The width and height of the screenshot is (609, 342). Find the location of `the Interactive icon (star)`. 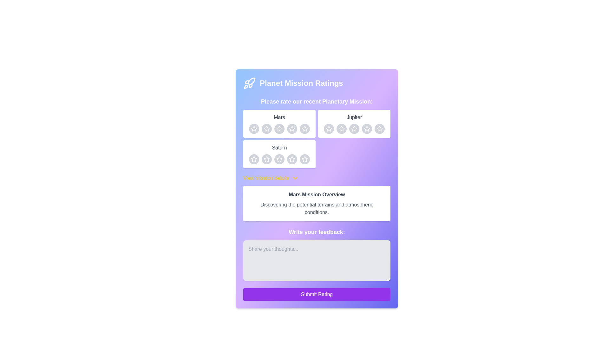

the Interactive icon (star) is located at coordinates (279, 129).